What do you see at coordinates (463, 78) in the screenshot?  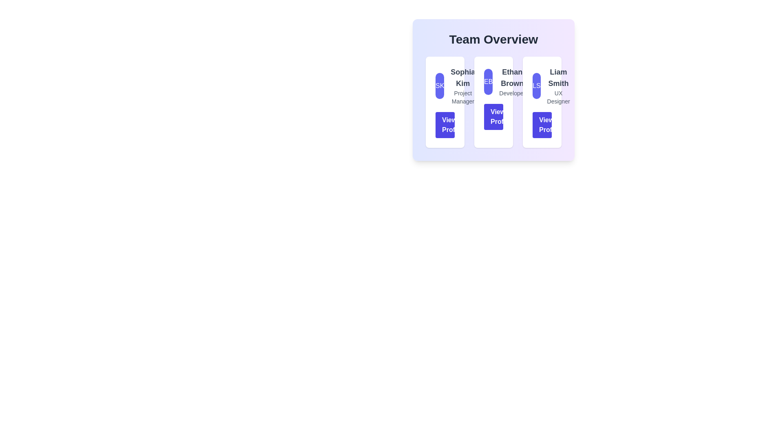 I see `the user's name text label displayed prominently within the profile card in the Team Overview section for additional information` at bounding box center [463, 78].